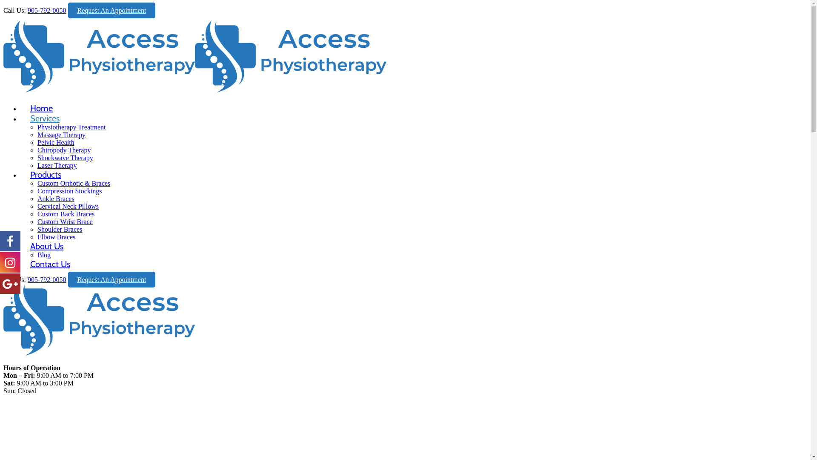  Describe the element at coordinates (46, 10) in the screenshot. I see `'905-792-0050'` at that location.